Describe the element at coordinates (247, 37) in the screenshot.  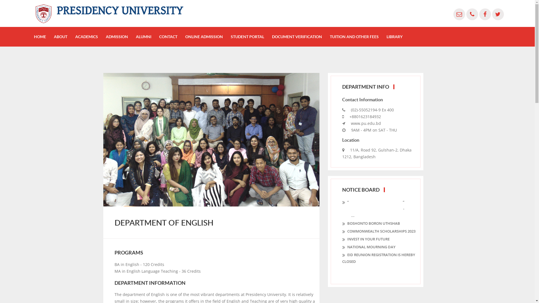
I see `'STUDENT PORTAL'` at that location.